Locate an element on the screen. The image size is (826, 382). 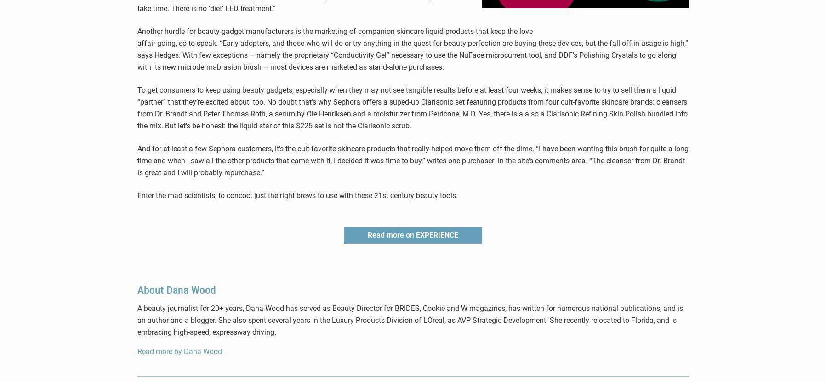
'Enter the mad scientists, to concoct just the right brews to use with these 21st century beauty tools.' is located at coordinates (137, 194).